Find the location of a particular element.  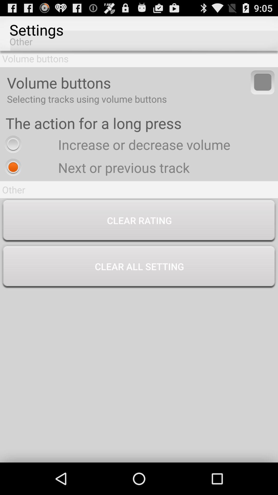

the increase or decrease is located at coordinates (116, 144).